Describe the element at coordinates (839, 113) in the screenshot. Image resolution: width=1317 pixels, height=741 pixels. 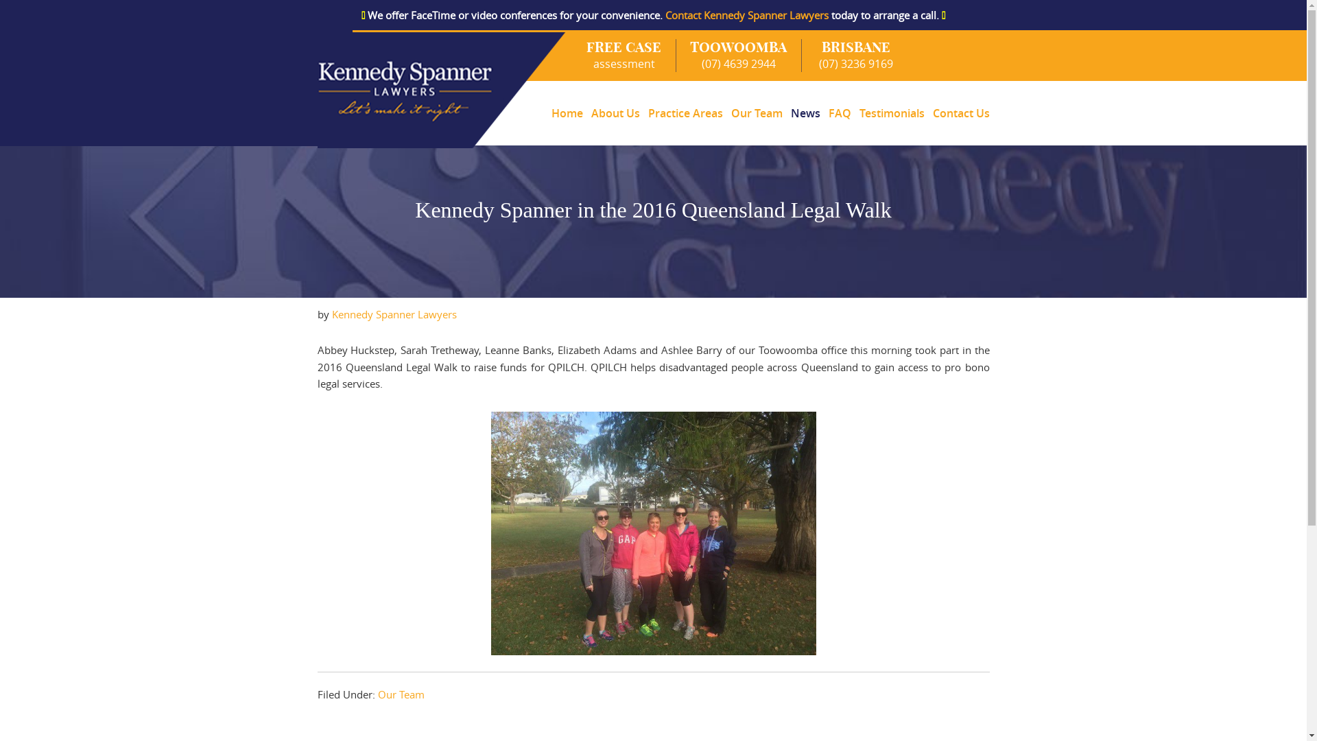
I see `'FAQ'` at that location.